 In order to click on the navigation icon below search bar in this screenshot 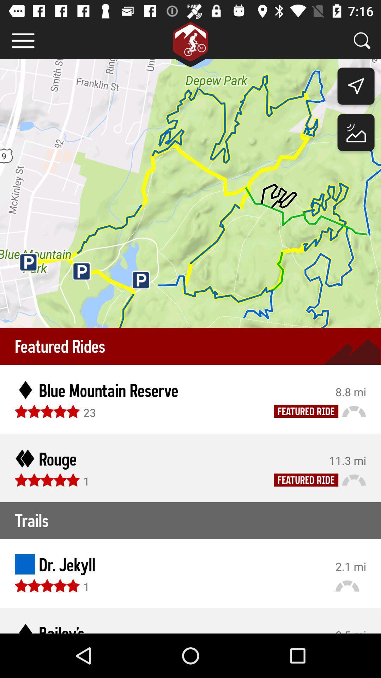, I will do `click(356, 88)`.